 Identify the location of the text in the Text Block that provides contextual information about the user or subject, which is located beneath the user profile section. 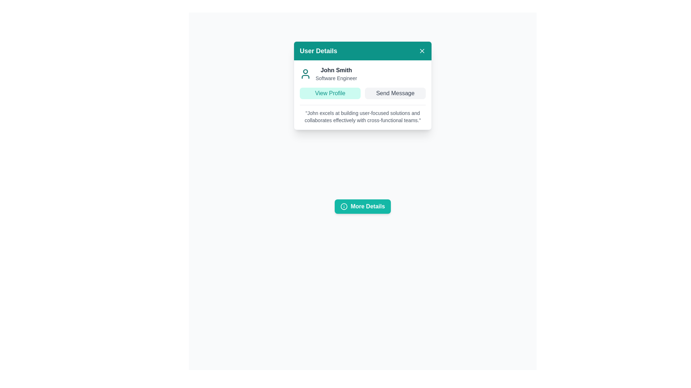
(363, 116).